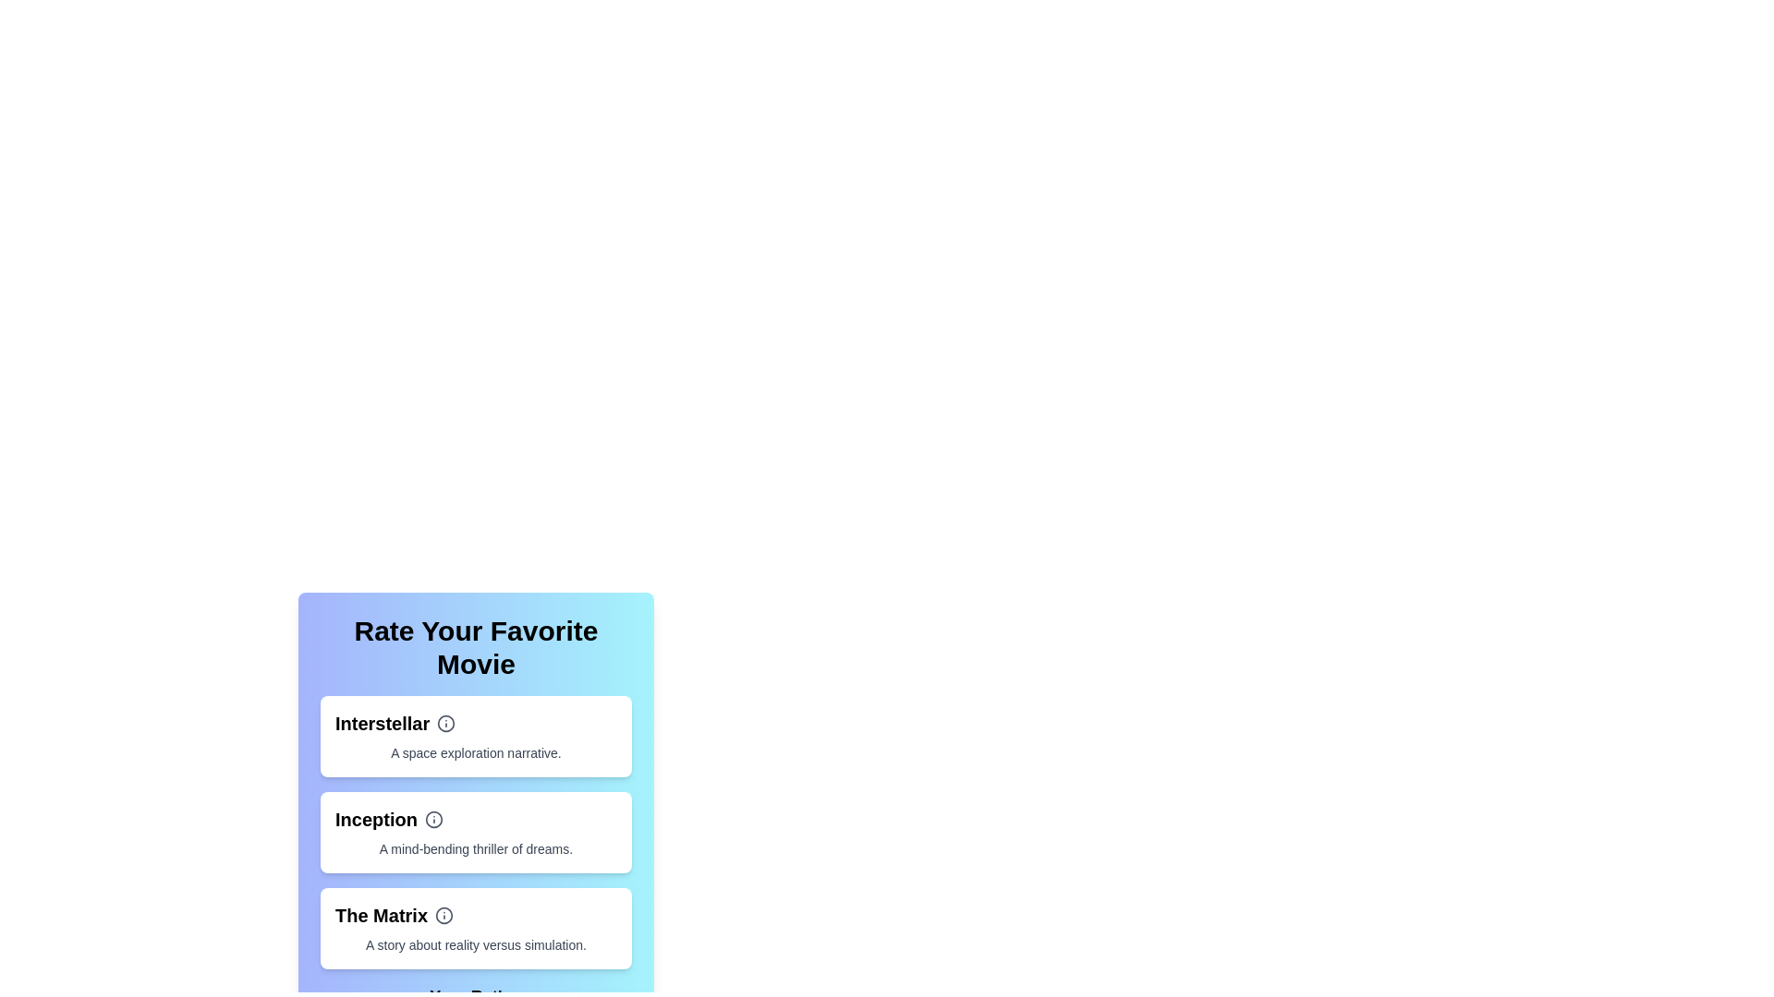 This screenshot has height=997, width=1774. I want to click on the information trigger icon button located to the right of the text 'The Matrix', so click(443, 915).